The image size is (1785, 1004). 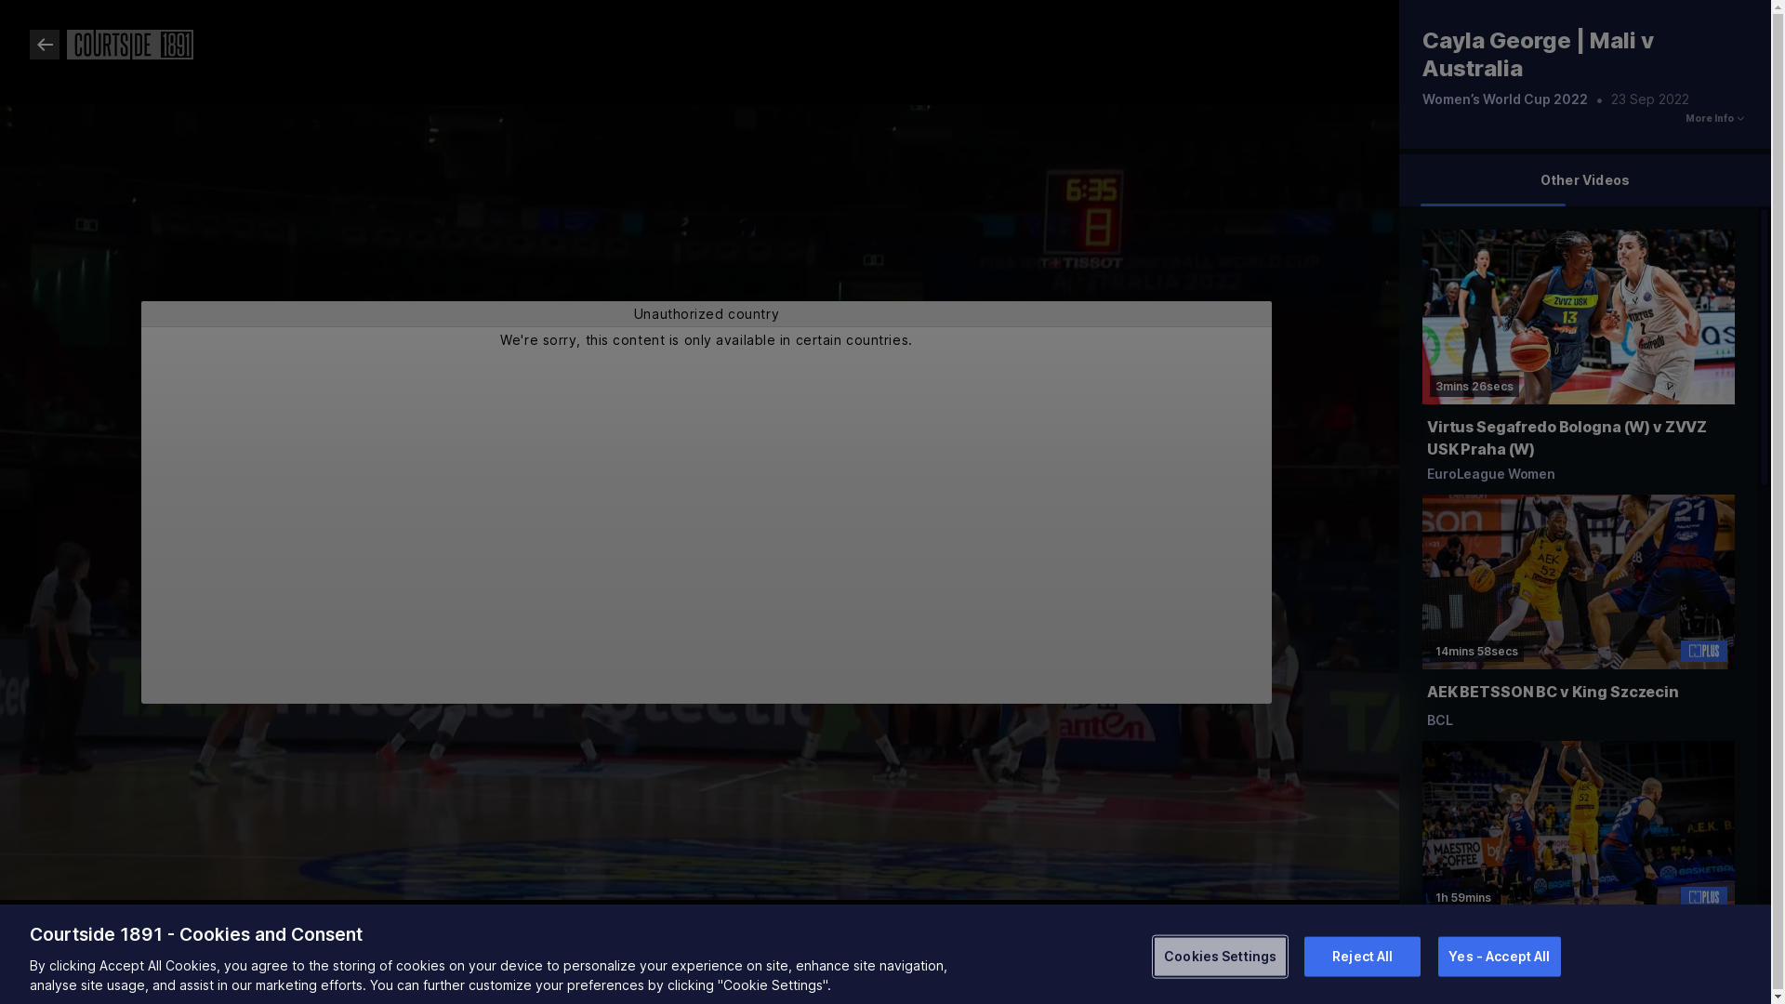 I want to click on '14mins 58secs, so click(x=1578, y=617).